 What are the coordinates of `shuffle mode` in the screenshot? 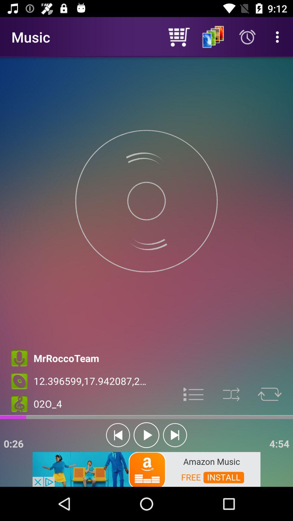 It's located at (231, 394).